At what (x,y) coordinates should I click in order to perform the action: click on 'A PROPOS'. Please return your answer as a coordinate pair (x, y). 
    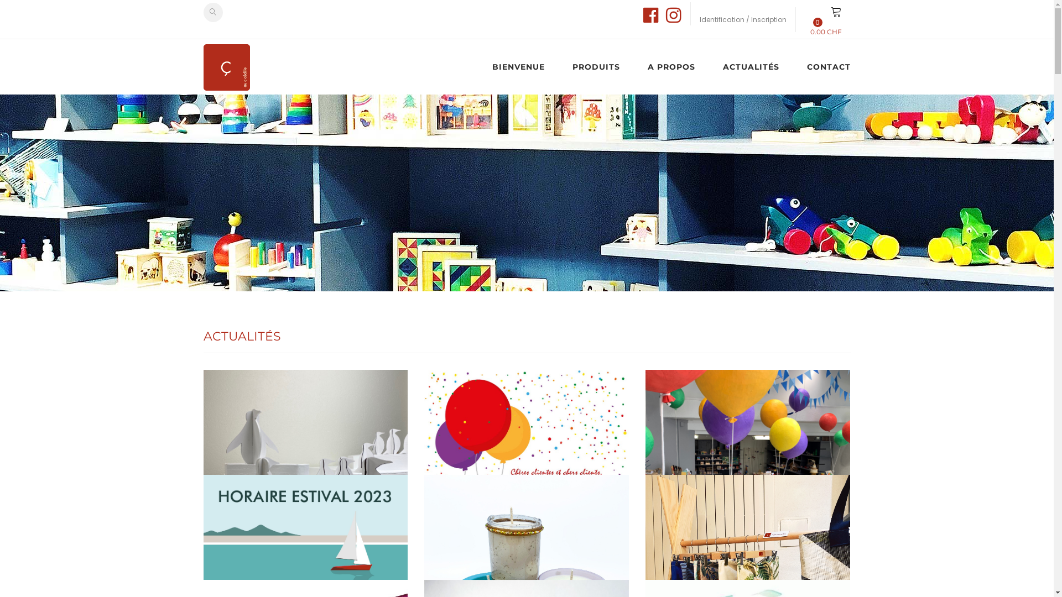
    Looking at the image, I should click on (671, 66).